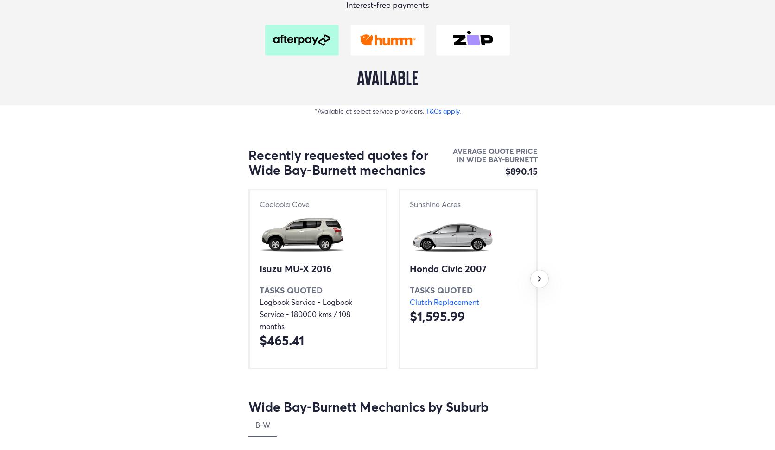 This screenshot has width=775, height=450. Describe the element at coordinates (733, 339) in the screenshot. I see `'$484.23'` at that location.